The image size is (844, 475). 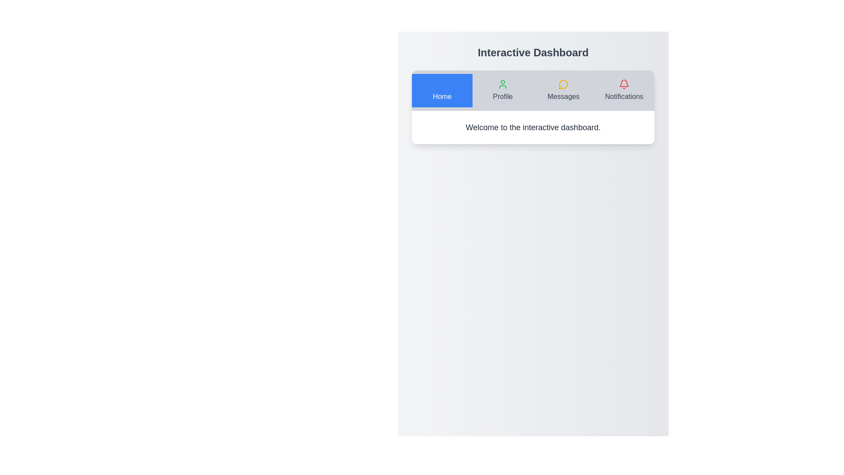 I want to click on the 'Profile' text label in the navigation bar, which is styled with a clean and prominent font, located near the top of the interface, immediately right of the 'Home' button, so click(x=502, y=96).